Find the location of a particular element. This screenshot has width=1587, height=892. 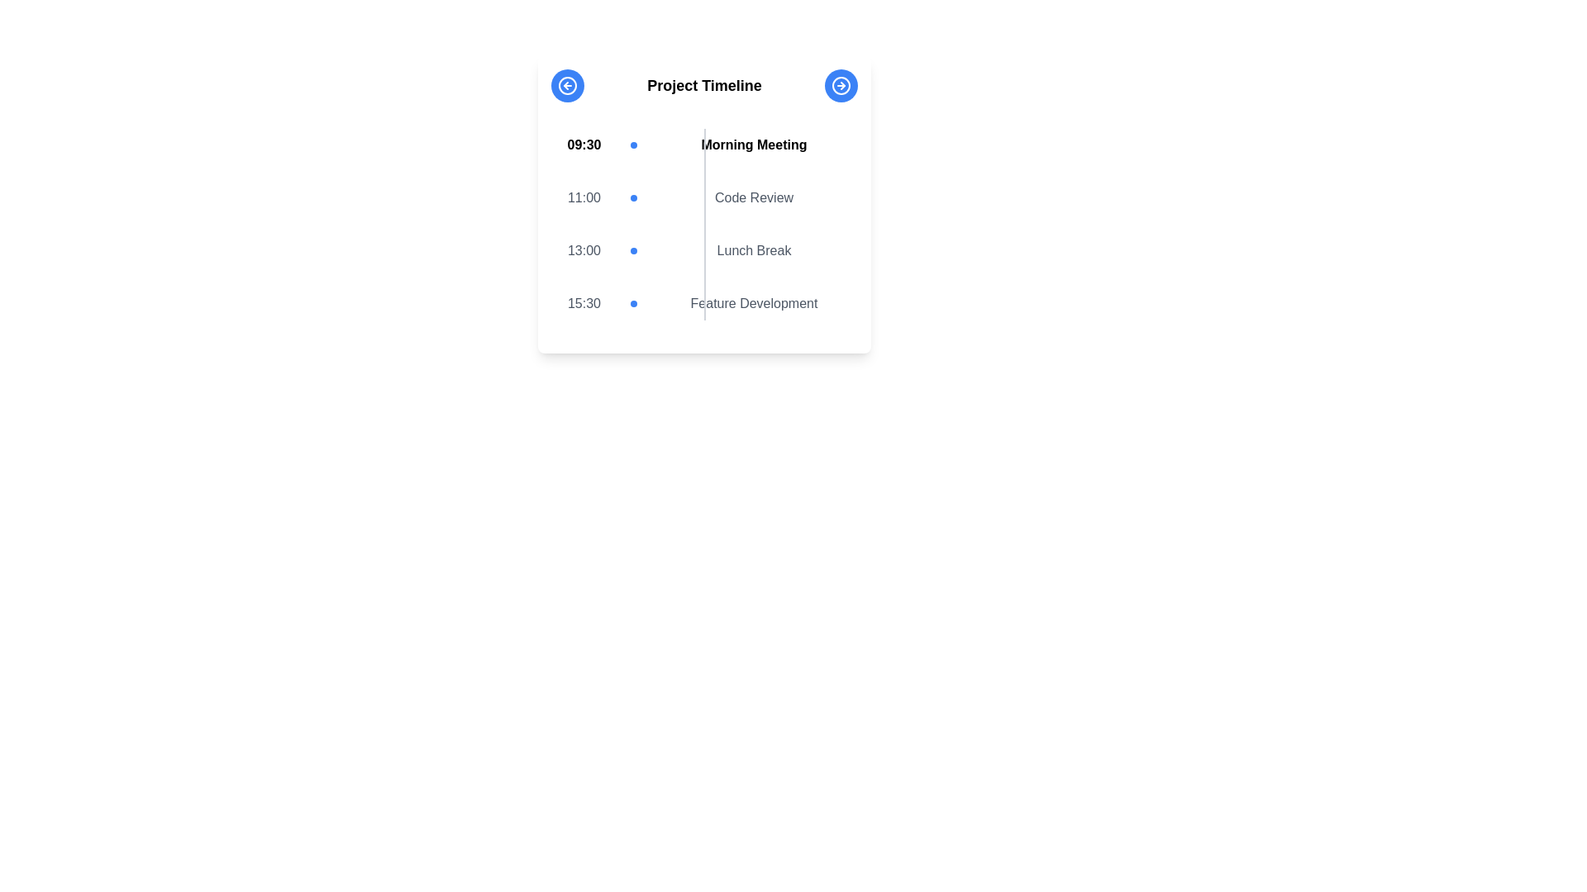

the 'Morning Meeting' text label that is part of the timeline, positioned to the right of the '09:30' time label and a small blue dot is located at coordinates (753, 145).